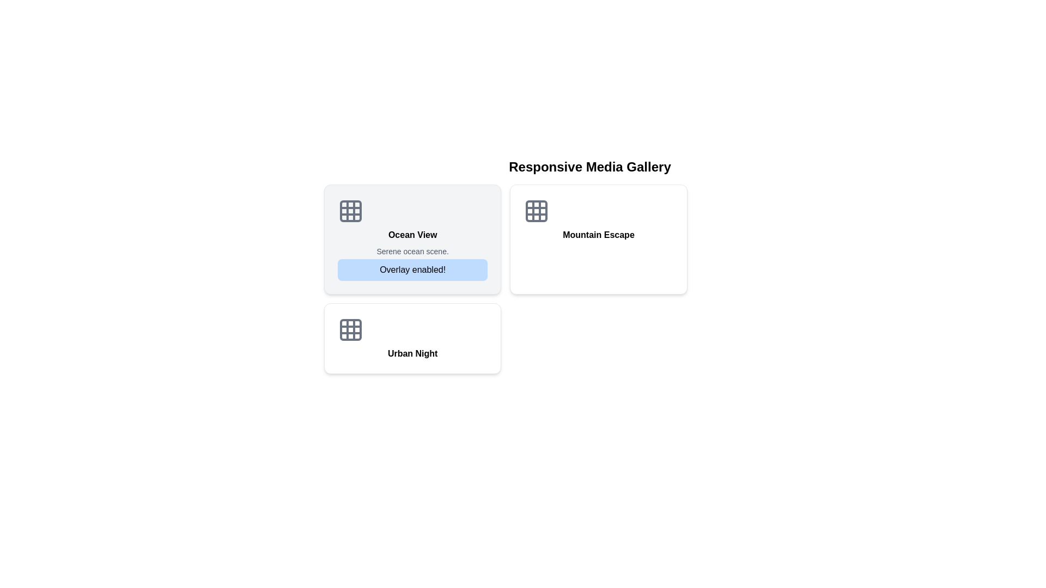 The width and height of the screenshot is (1046, 588). Describe the element at coordinates (412, 269) in the screenshot. I see `the text label element that displays 'Overlay enabled!' at the bottom of the 'Ocean View' card` at that location.